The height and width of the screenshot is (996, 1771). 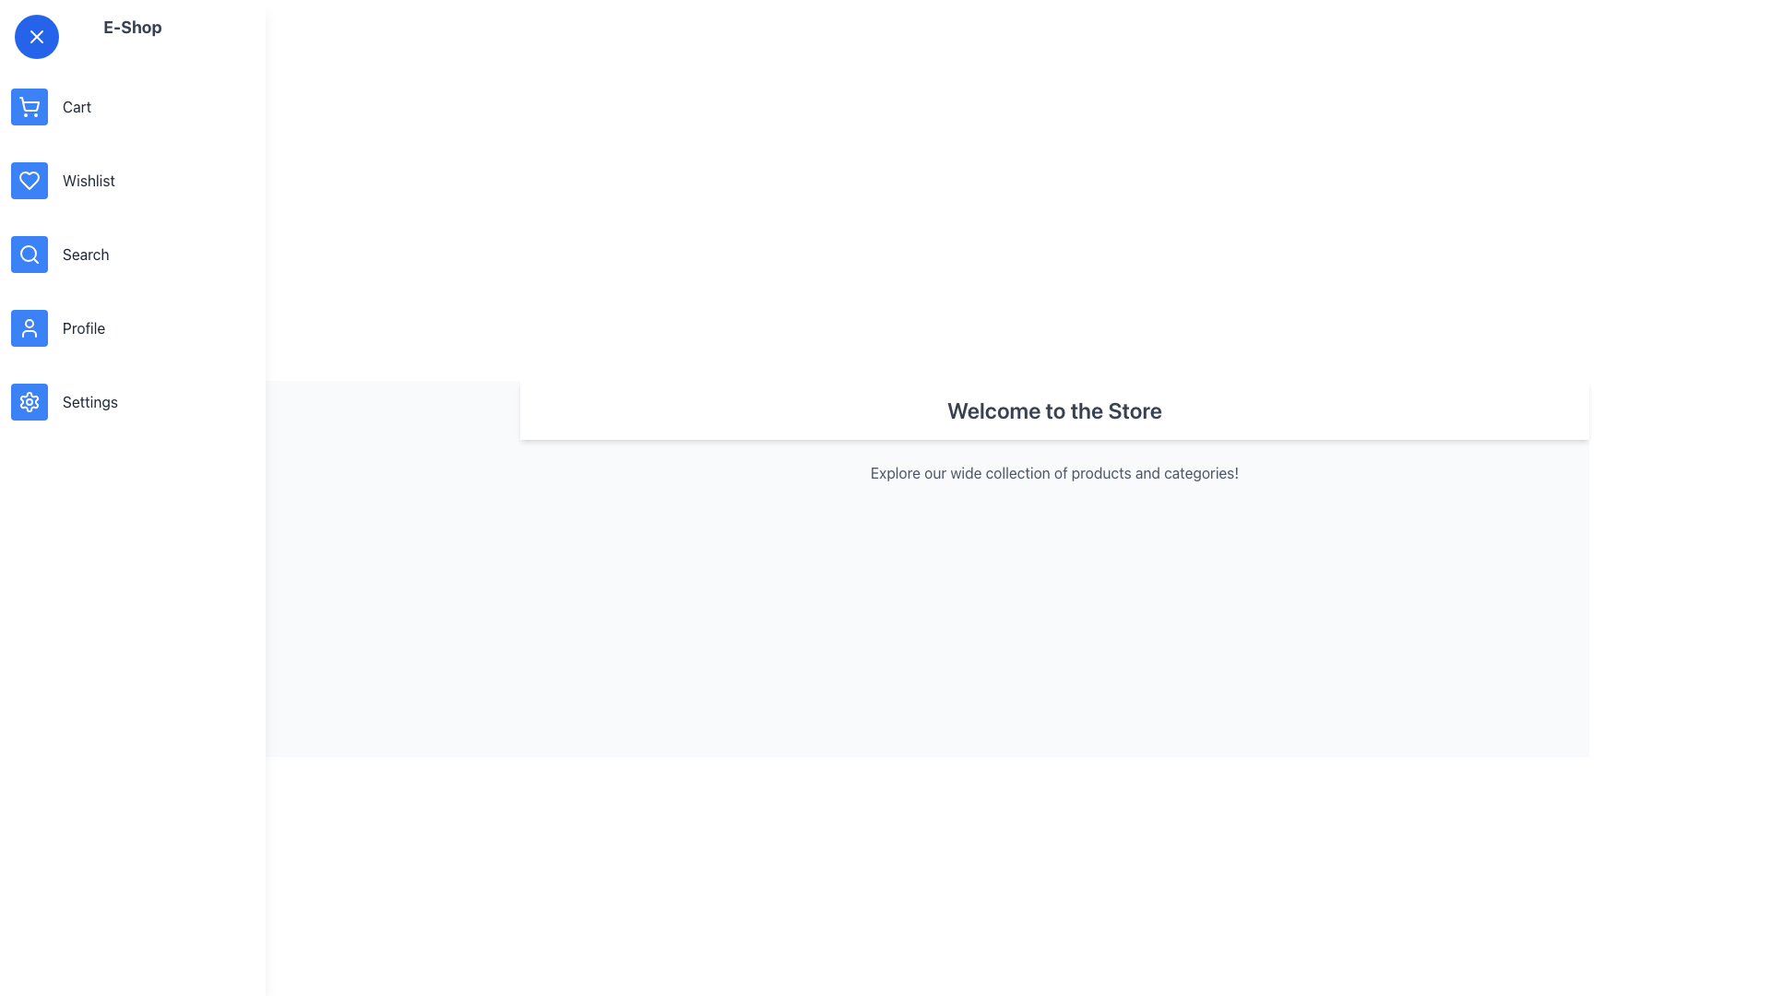 What do you see at coordinates (83, 326) in the screenshot?
I see `the Static Text Label for the user's profile section in the vertical navigation menu, located below 'Search' and above 'Settings', aligned to the right of the user icon` at bounding box center [83, 326].